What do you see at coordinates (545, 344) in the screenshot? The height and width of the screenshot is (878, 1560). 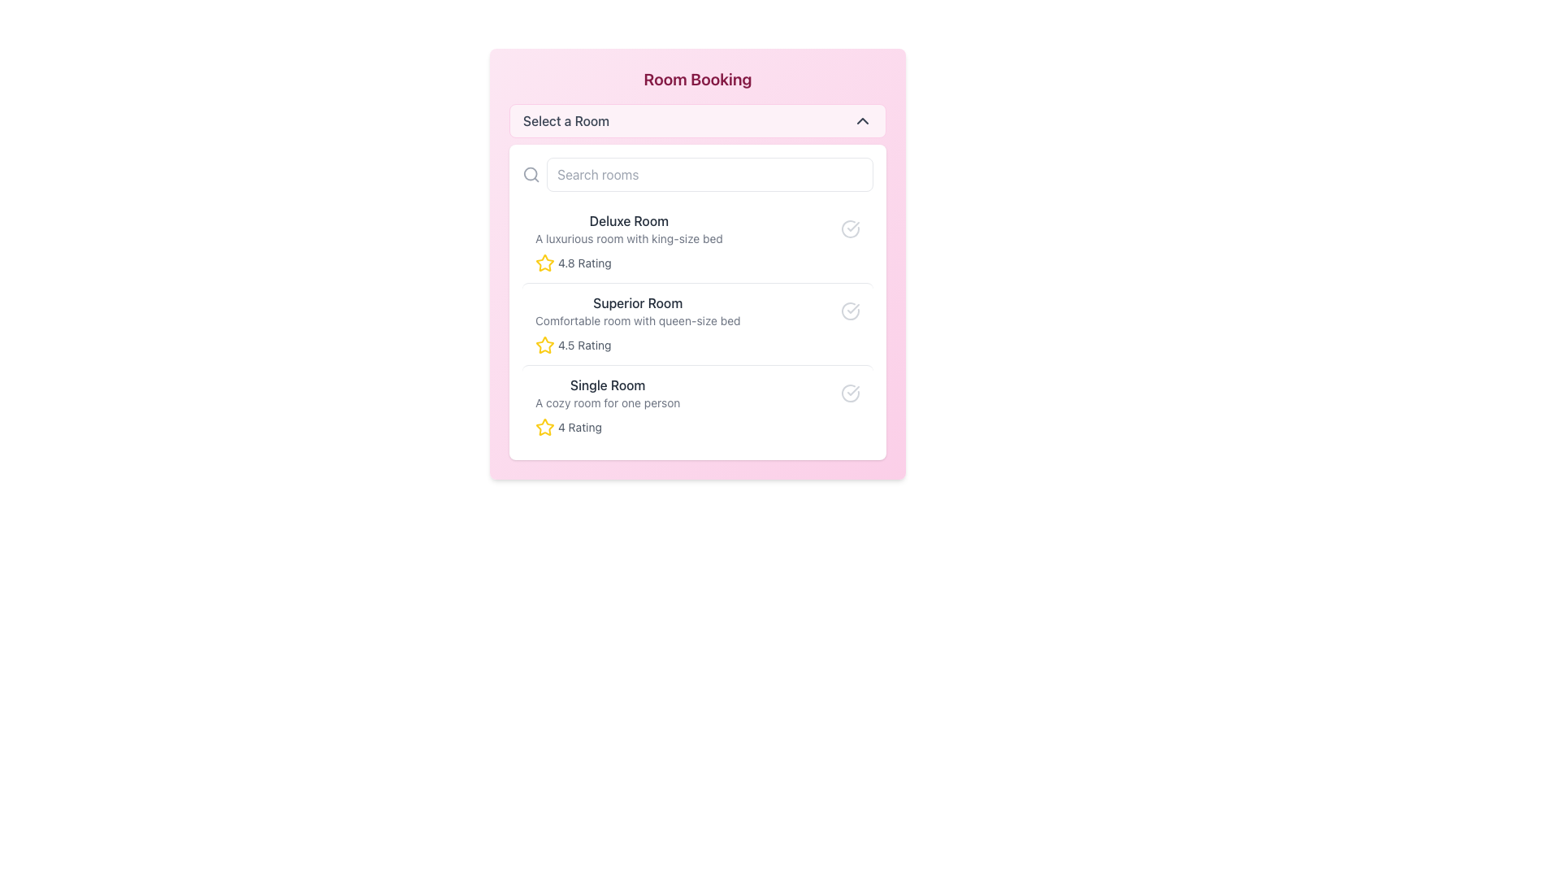 I see `the star-shaped icon outlined with a golden yellow border and filled with white color, which is part of a rating display next to the text '4.5 Rating'` at bounding box center [545, 344].